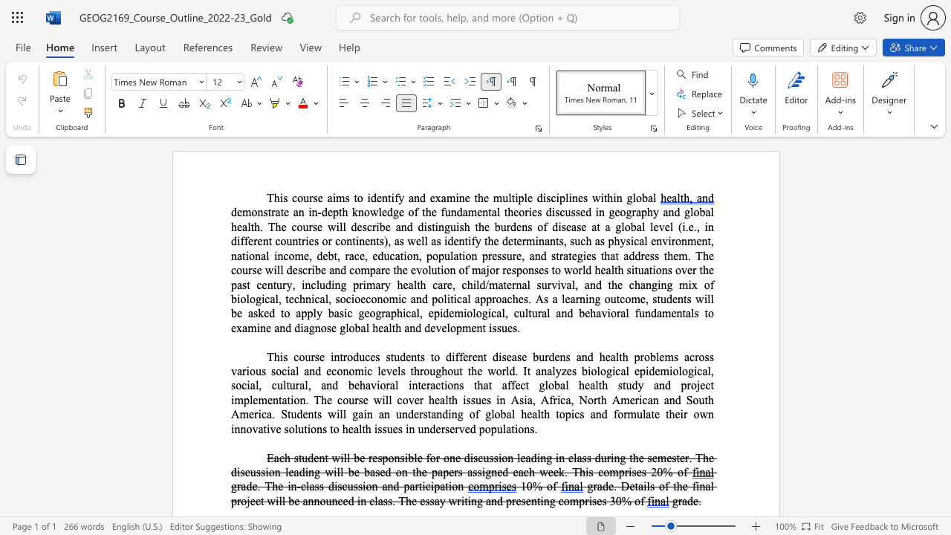  I want to click on the 11th character "t" in the text, so click(504, 285).